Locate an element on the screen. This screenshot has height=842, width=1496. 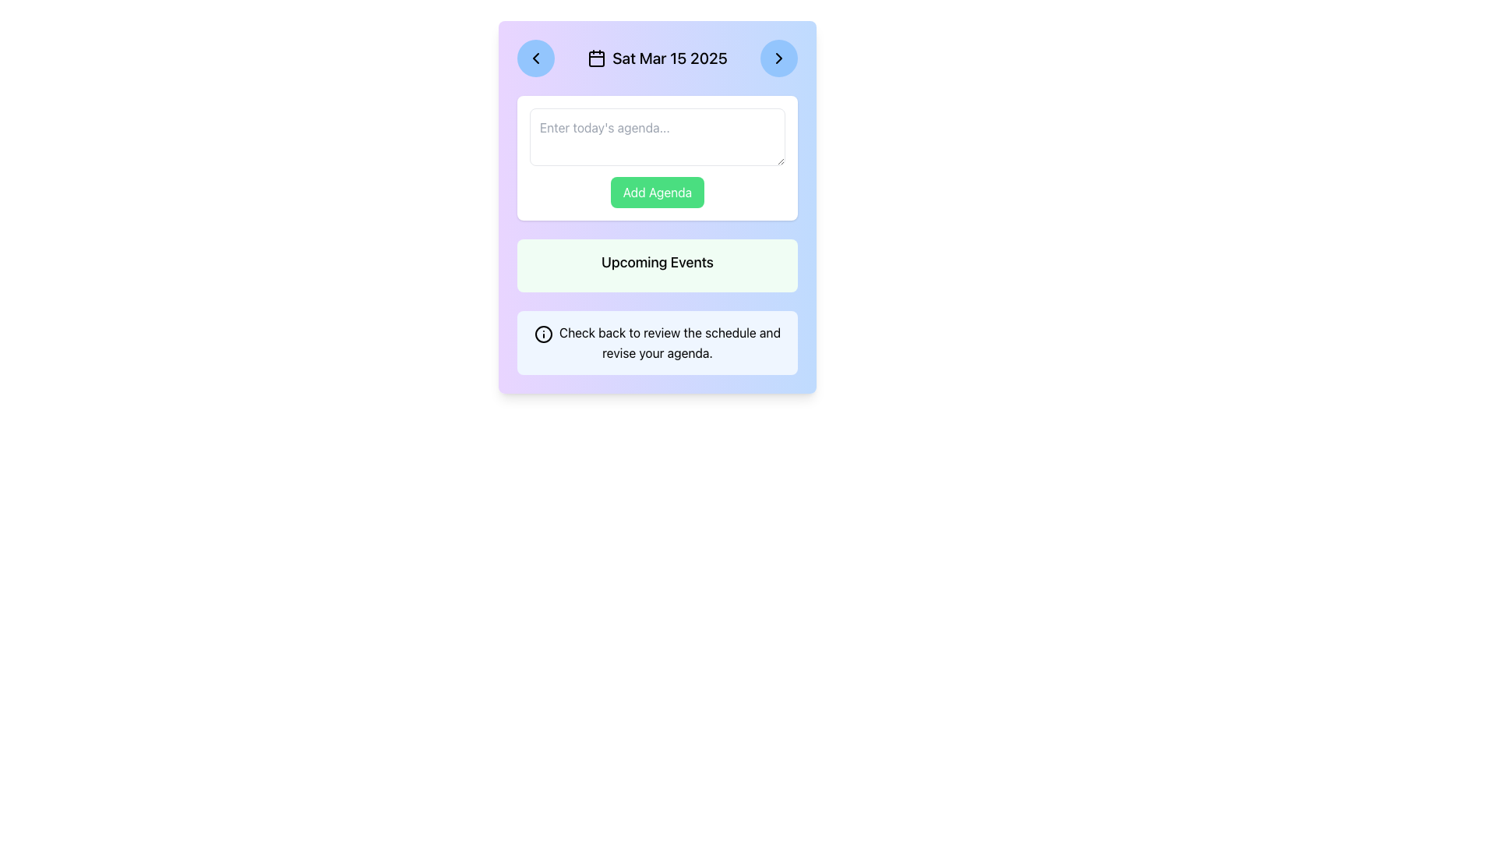
the decorative calendar icon located in the header section, to the left of the date text 'Sat Mar 15 2025' is located at coordinates (596, 57).